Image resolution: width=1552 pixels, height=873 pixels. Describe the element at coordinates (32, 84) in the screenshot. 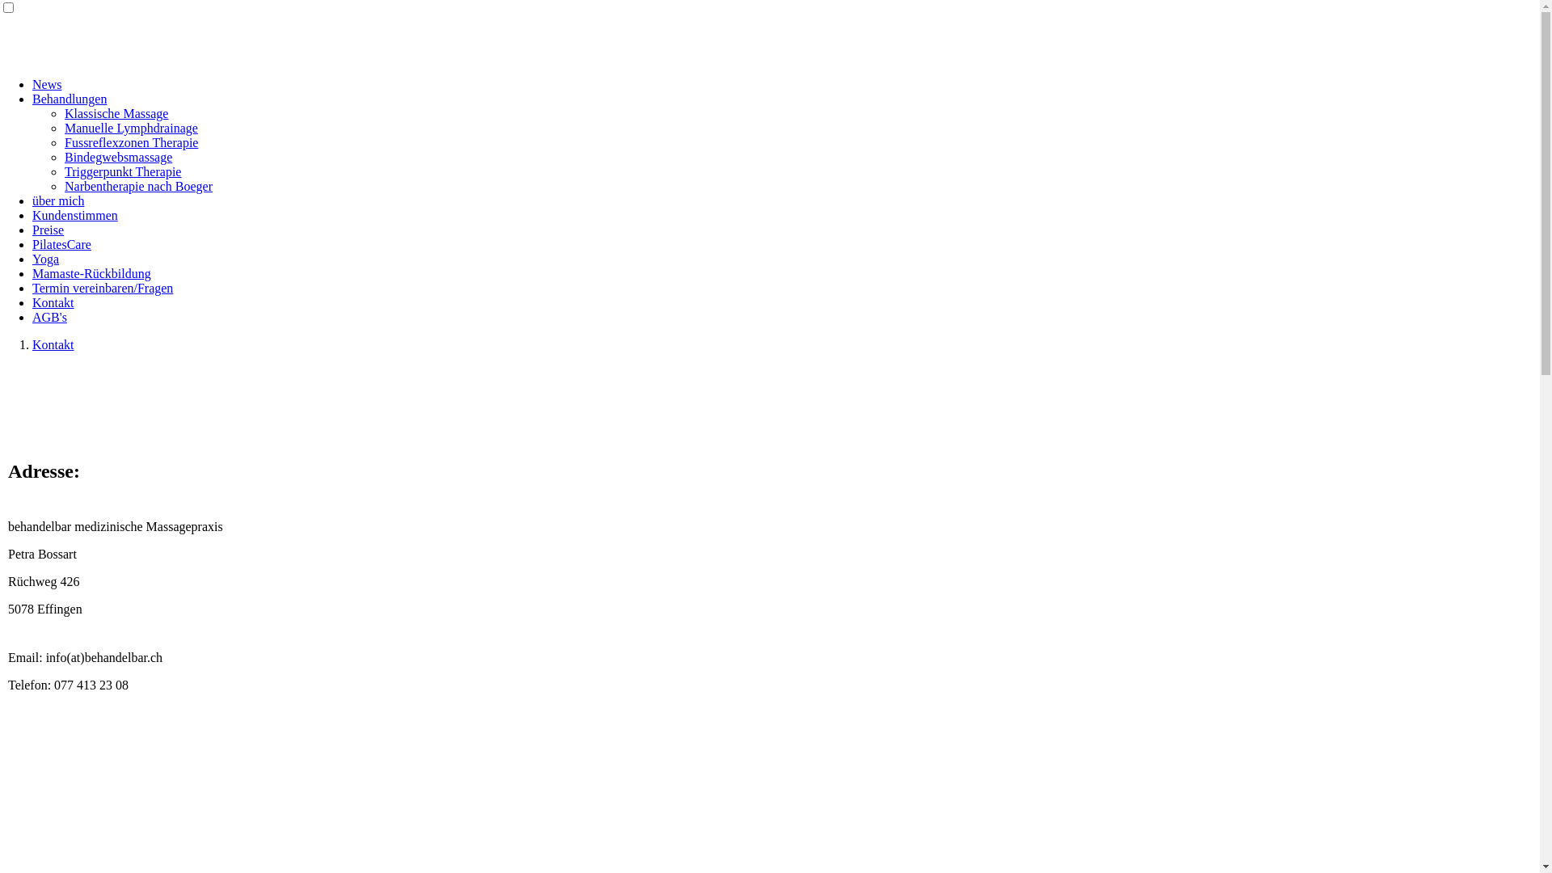

I see `'News'` at that location.